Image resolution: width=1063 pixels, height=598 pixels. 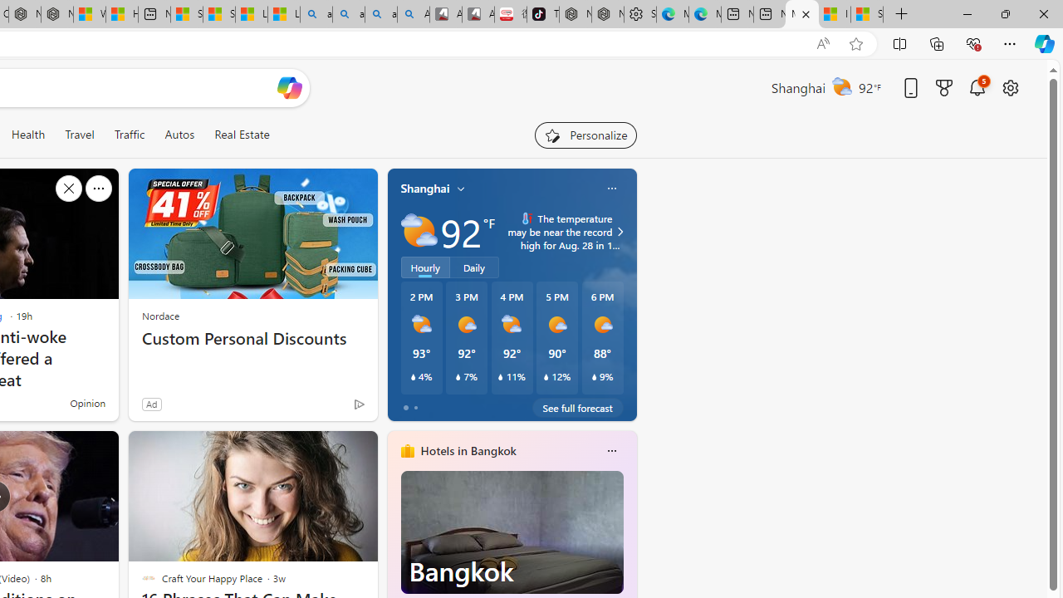 What do you see at coordinates (585, 135) in the screenshot?
I see `'Personalize your feed"'` at bounding box center [585, 135].